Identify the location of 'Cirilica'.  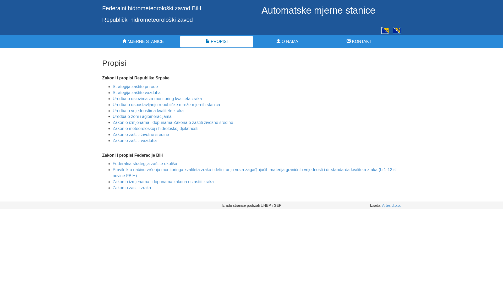
(397, 30).